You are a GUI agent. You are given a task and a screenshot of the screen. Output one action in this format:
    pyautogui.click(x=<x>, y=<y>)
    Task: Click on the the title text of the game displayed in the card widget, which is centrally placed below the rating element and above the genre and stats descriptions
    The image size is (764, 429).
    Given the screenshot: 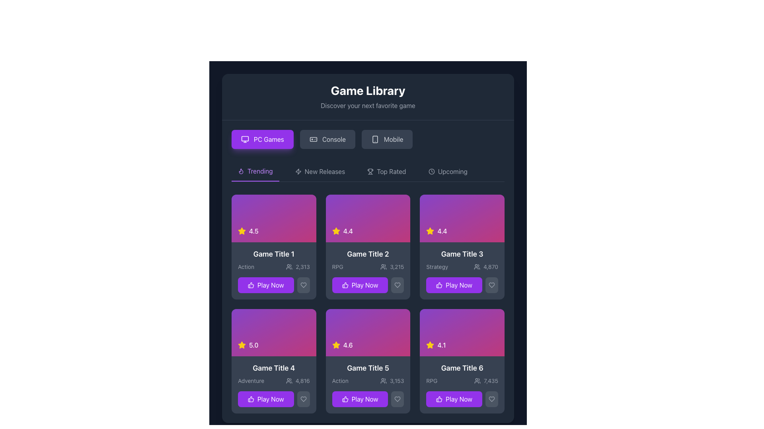 What is the action you would take?
    pyautogui.click(x=274, y=254)
    